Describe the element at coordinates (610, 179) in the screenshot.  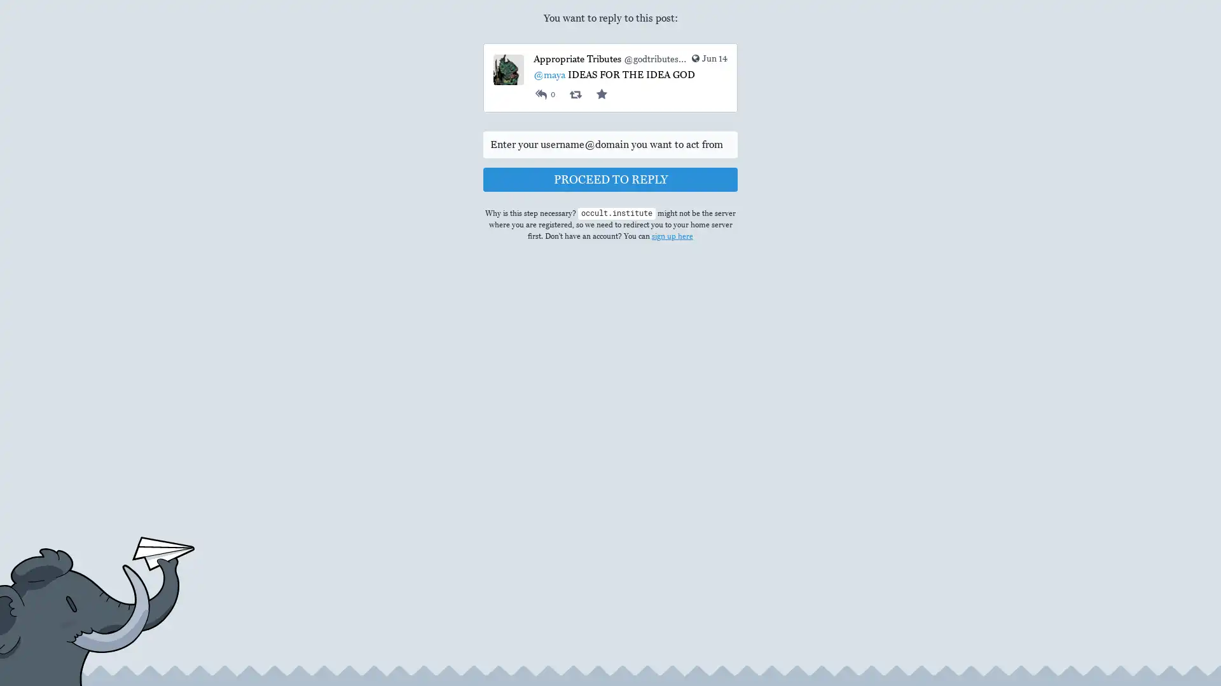
I see `PROCEED TO REPLY` at that location.